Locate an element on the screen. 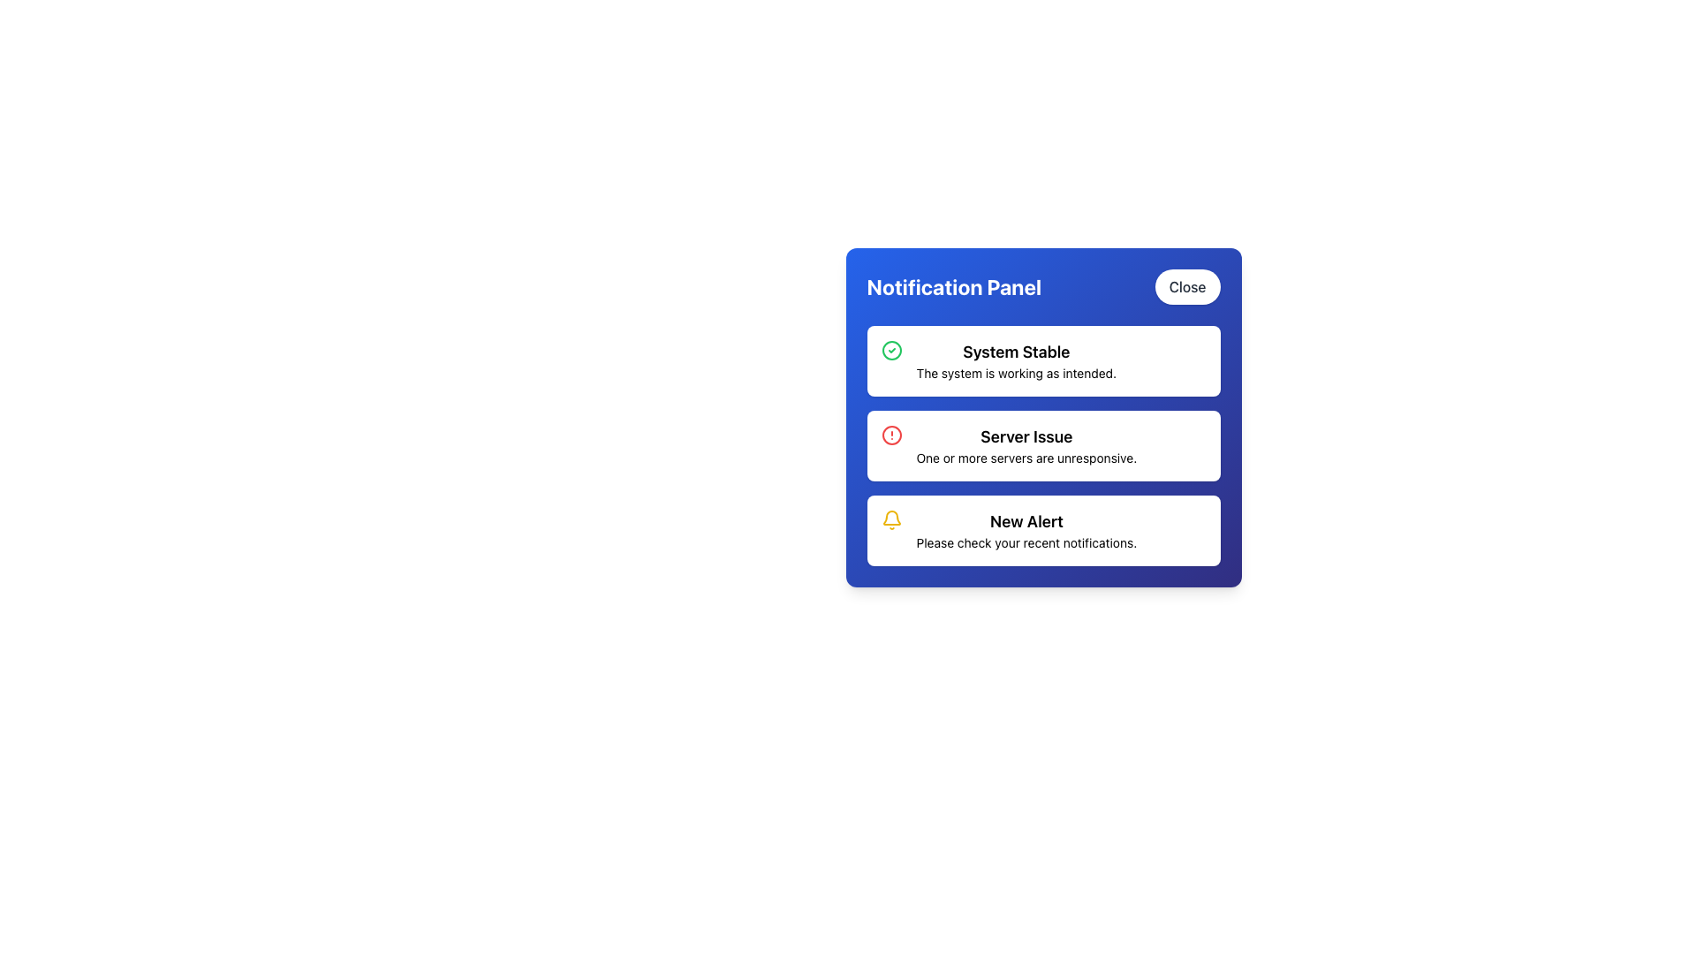  the 'Server Issue' text element, which is bolded and styled in a larger font size, located in the middle section of a notifications panel is located at coordinates (1026, 436).